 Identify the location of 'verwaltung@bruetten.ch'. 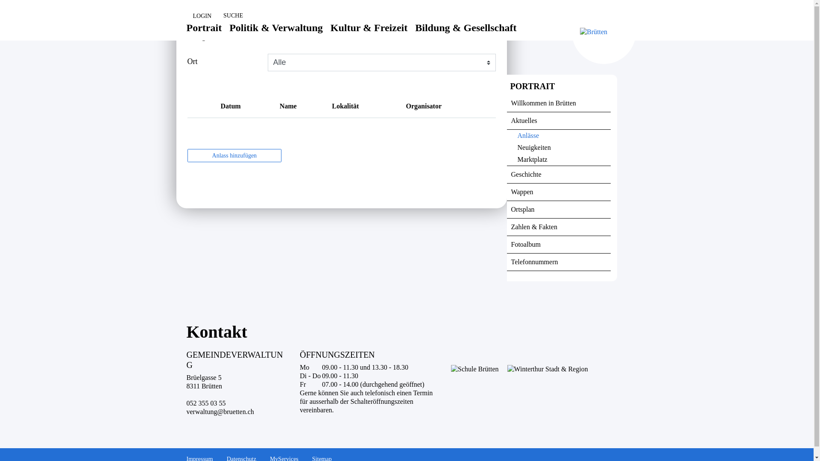
(220, 411).